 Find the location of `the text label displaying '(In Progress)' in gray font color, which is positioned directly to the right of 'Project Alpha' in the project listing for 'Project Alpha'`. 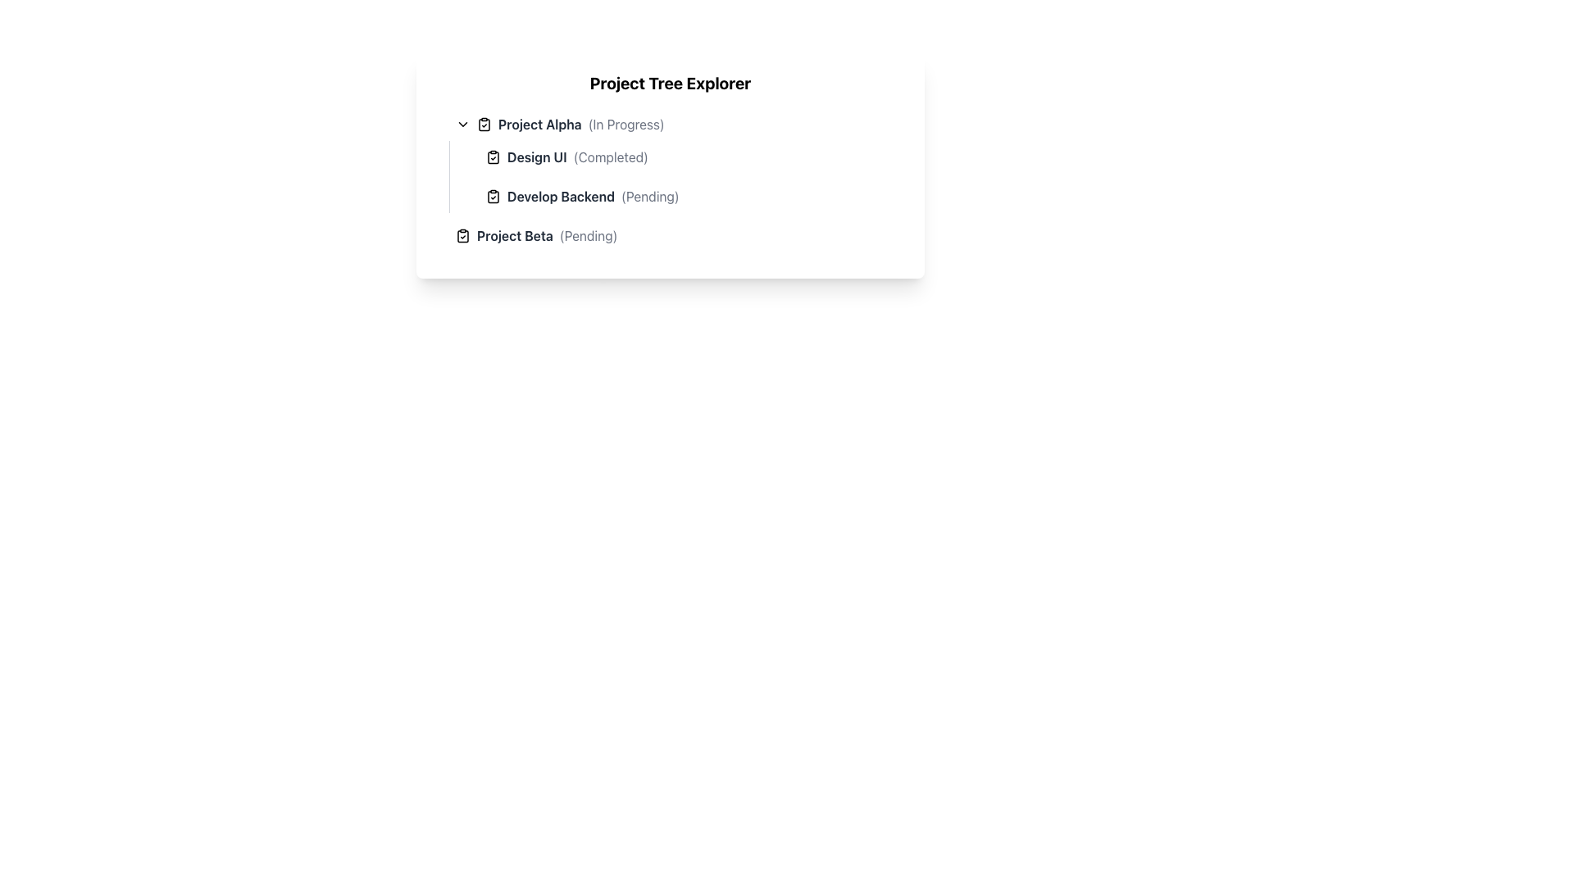

the text label displaying '(In Progress)' in gray font color, which is positioned directly to the right of 'Project Alpha' in the project listing for 'Project Alpha' is located at coordinates (626, 123).